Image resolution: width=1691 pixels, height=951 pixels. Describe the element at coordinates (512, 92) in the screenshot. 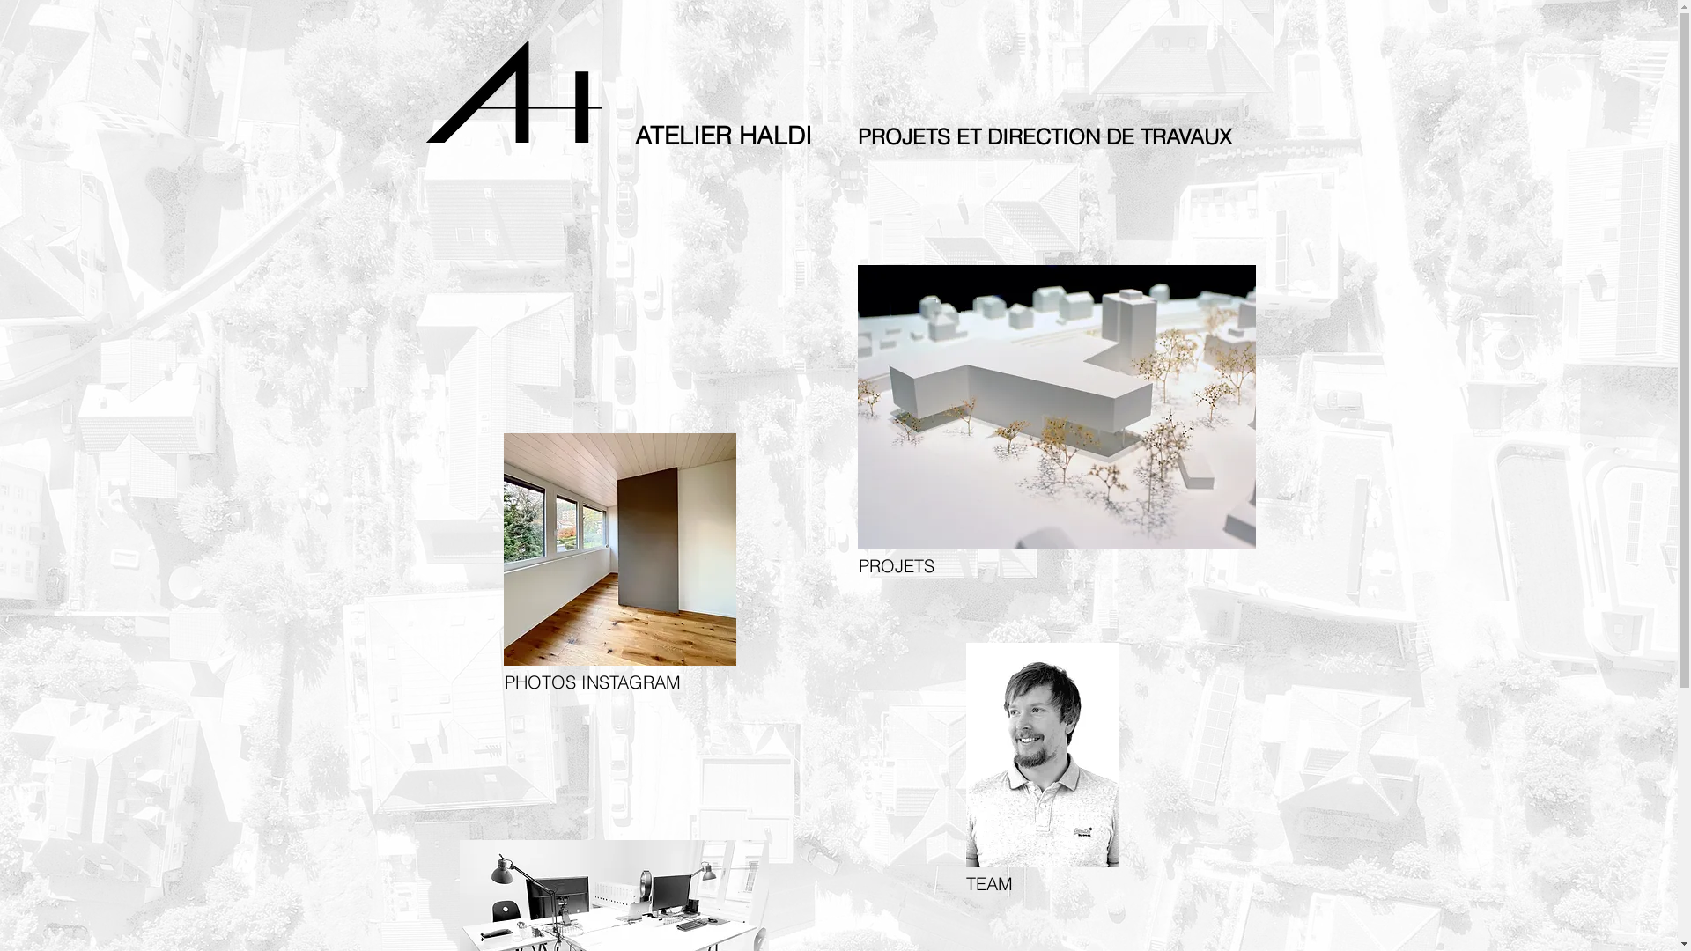

I see `'AH.png'` at that location.